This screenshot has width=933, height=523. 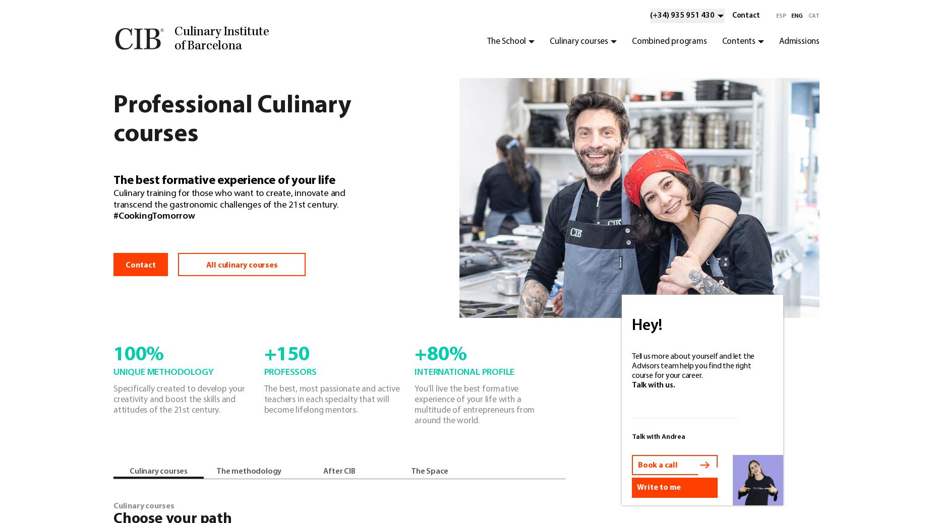 What do you see at coordinates (331, 400) in the screenshot?
I see `'The best, most passionate and active teachers in each specialty that will become lifelong mentors.'` at bounding box center [331, 400].